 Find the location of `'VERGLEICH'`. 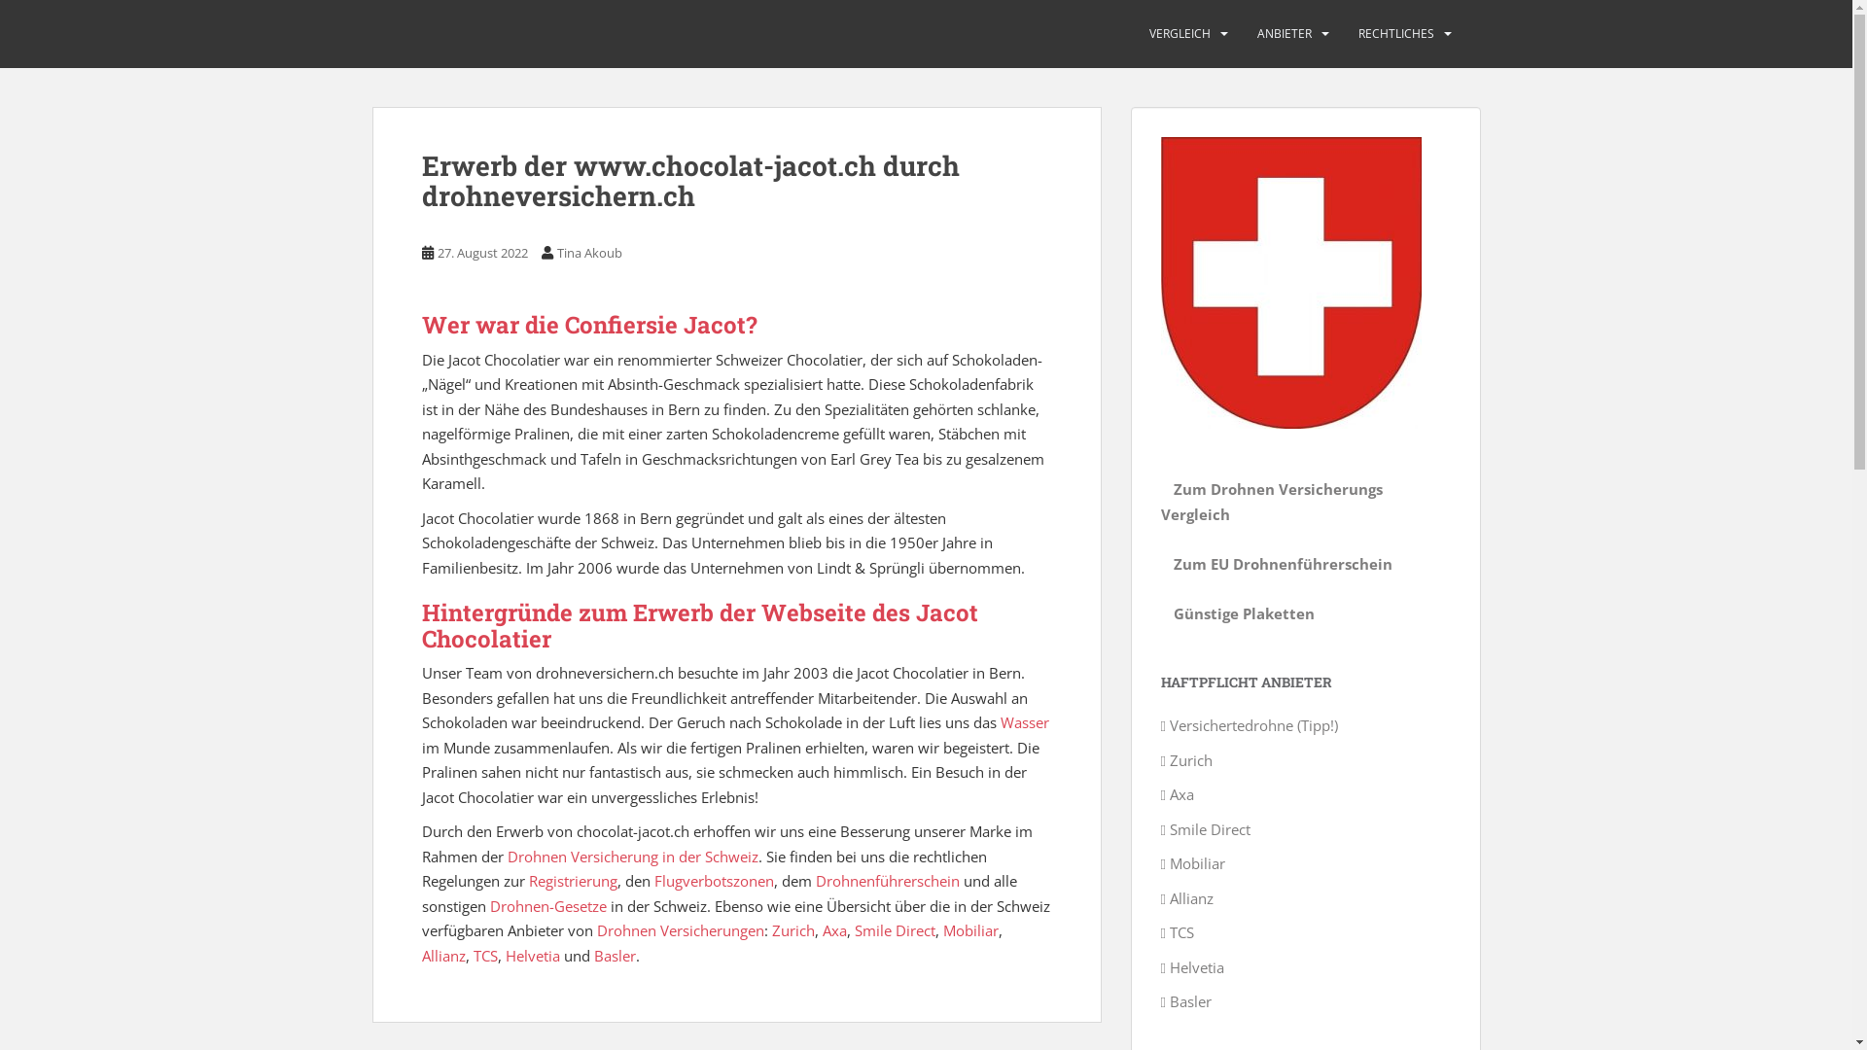

'VERGLEICH' is located at coordinates (1179, 33).